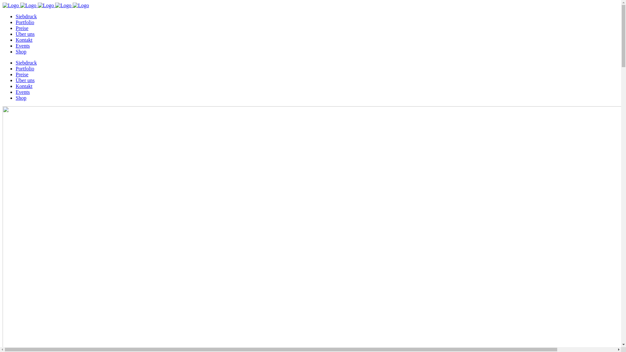  I want to click on 'Shop', so click(16, 98).